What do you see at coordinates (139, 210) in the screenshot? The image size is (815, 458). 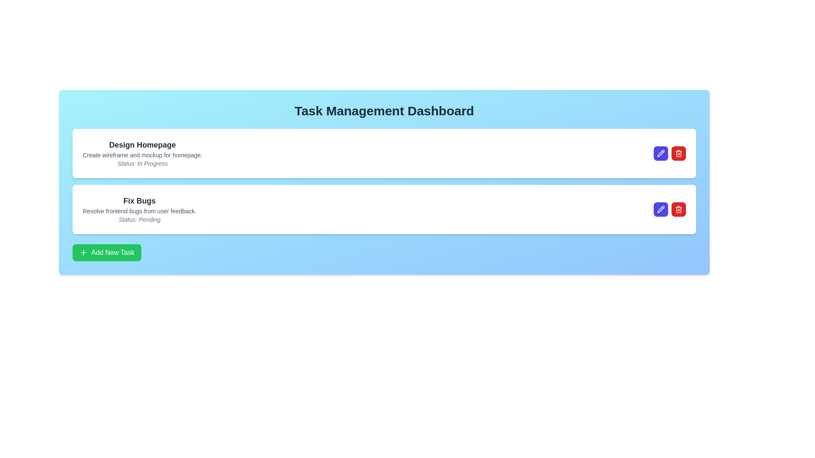 I see `the text label stating 'Resolve frontend bugs from user feedback.', which is styled with a grayish tone and positioned below 'Fix Bugs' and above 'Status: Pending' in the second task card` at bounding box center [139, 210].